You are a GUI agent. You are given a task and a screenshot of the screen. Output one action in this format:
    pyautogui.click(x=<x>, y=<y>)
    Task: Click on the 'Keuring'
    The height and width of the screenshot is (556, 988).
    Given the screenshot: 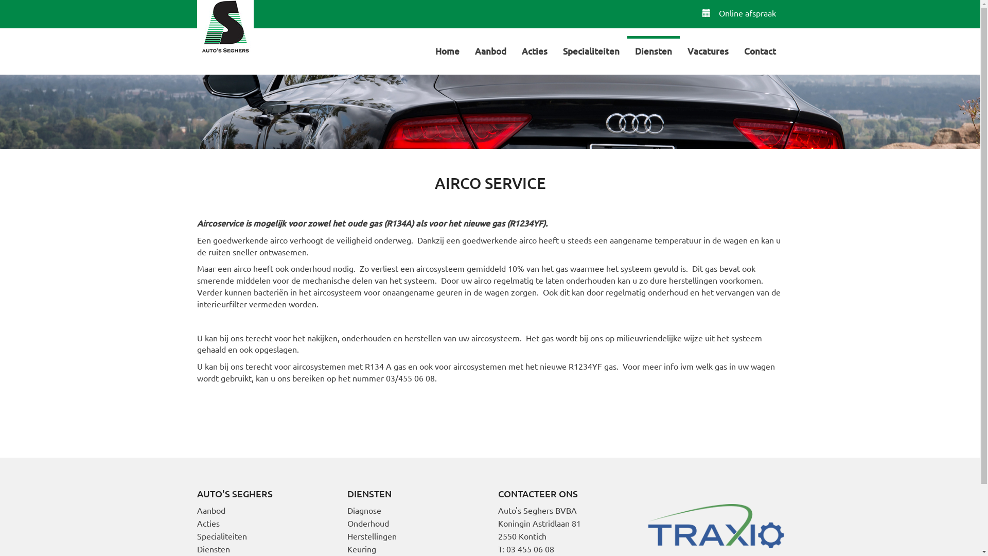 What is the action you would take?
    pyautogui.click(x=361, y=548)
    